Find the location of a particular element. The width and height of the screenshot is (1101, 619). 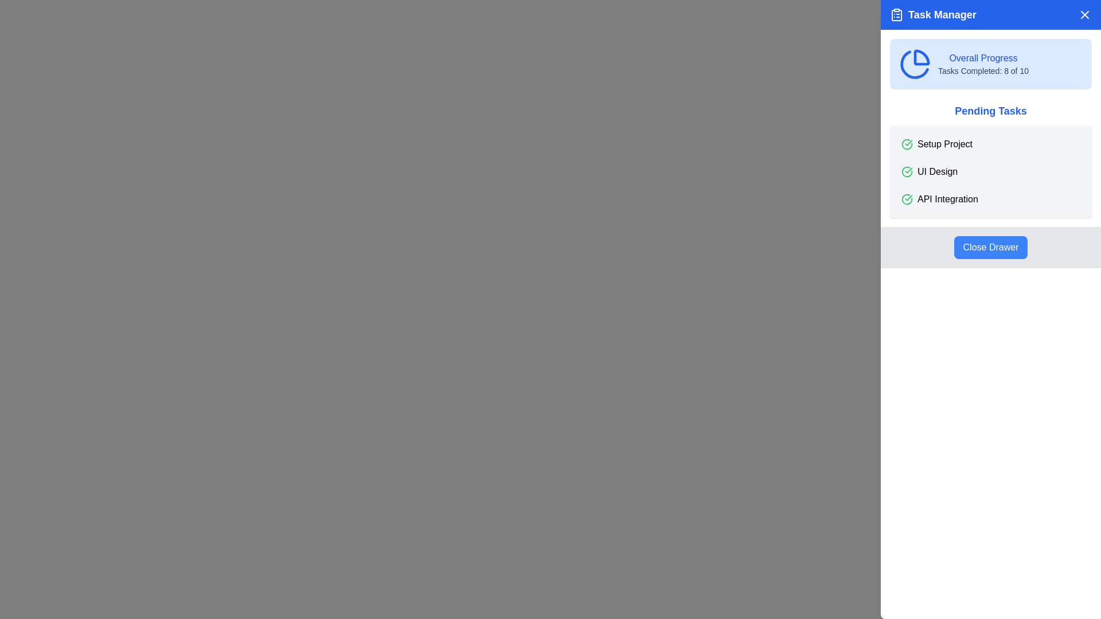

the close button located in the top-right corner of the 'Task Manager' header to observe interactive feedback is located at coordinates (1084, 15).